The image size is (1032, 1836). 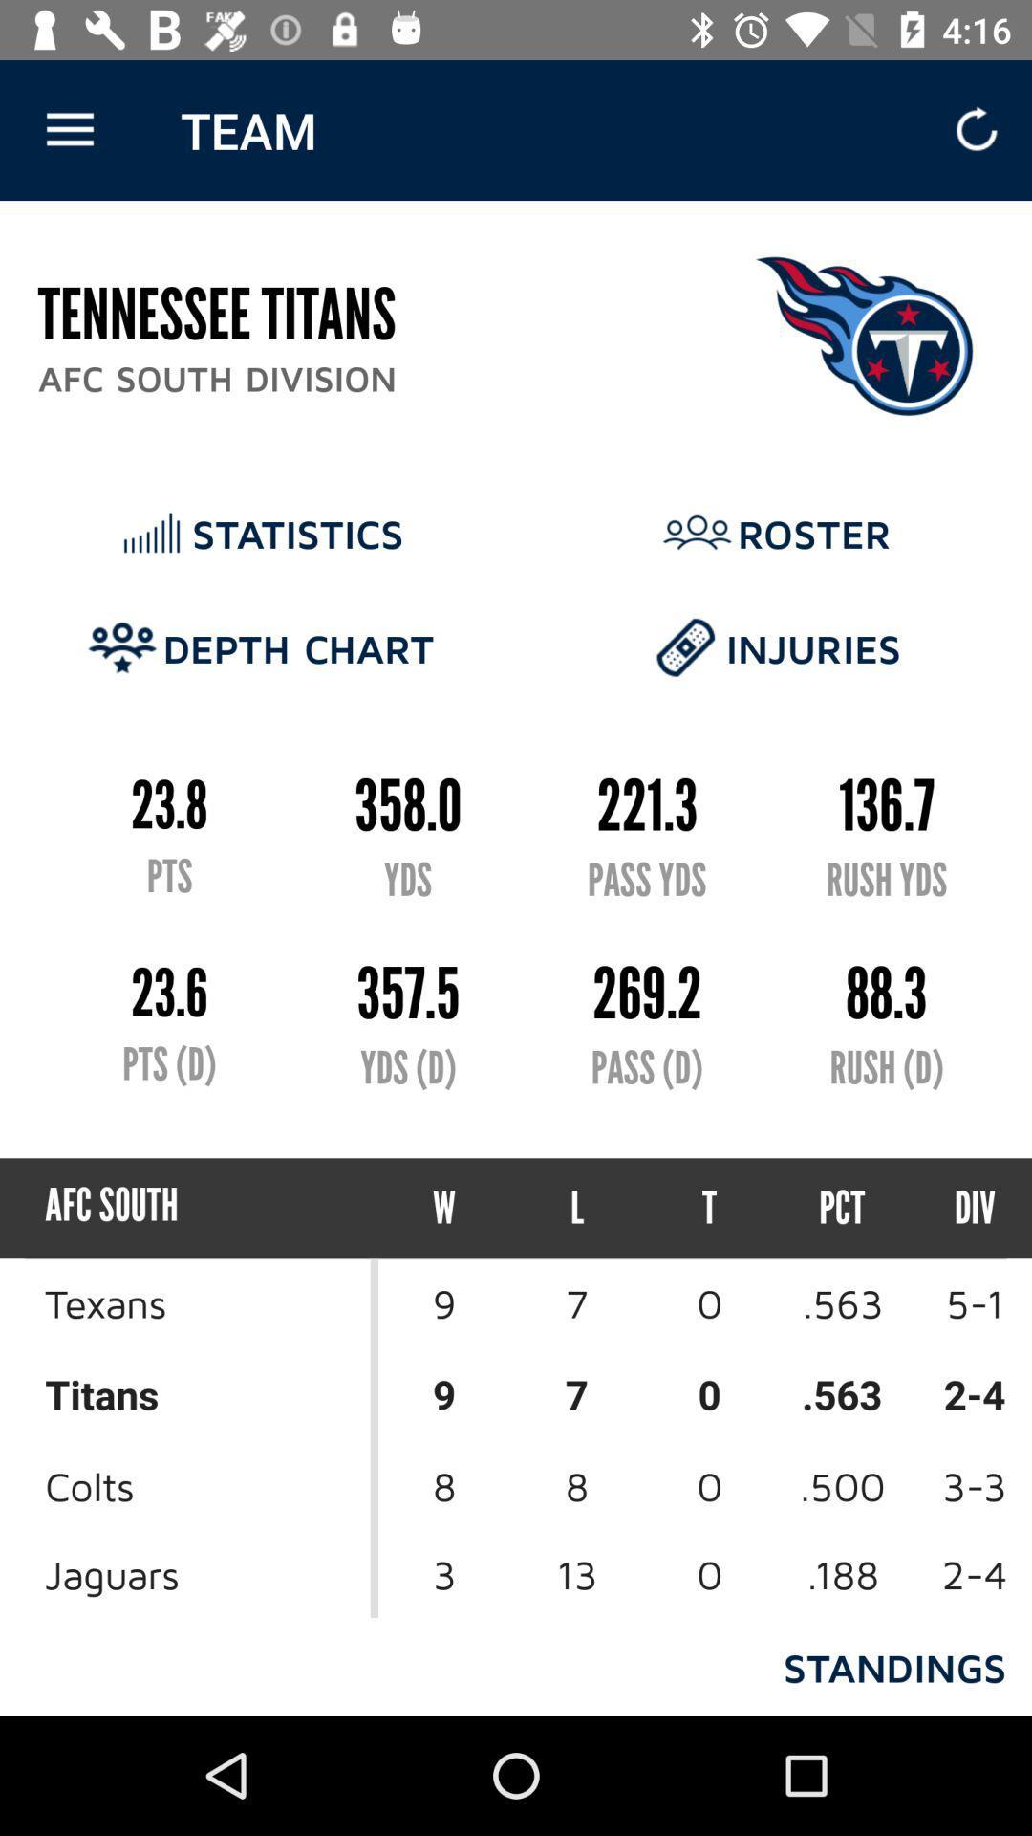 What do you see at coordinates (684, 646) in the screenshot?
I see `the icon which is left of the text injuries` at bounding box center [684, 646].